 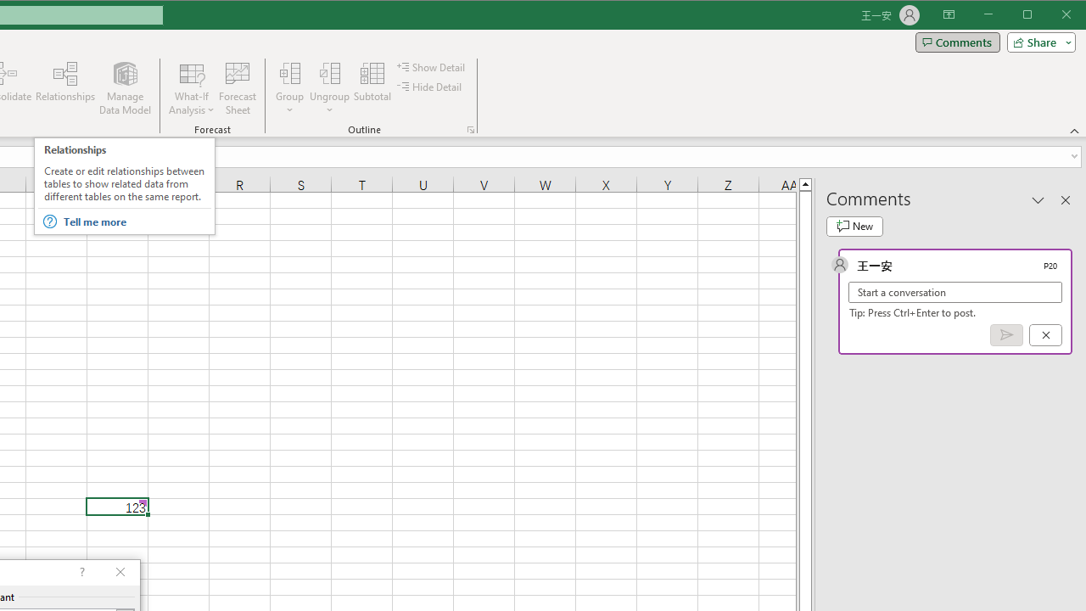 What do you see at coordinates (955, 291) in the screenshot?
I see `'Start a conversation'` at bounding box center [955, 291].